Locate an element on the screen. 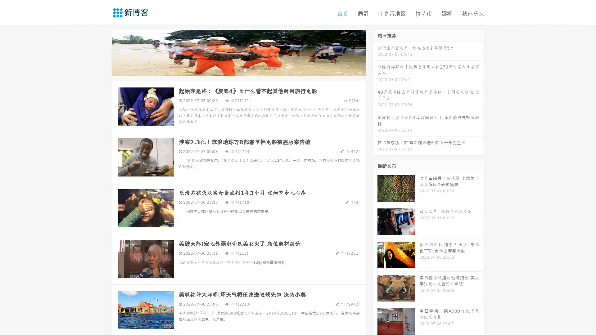 The width and height of the screenshot is (596, 335). Go to slide 3 is located at coordinates (245, 70).